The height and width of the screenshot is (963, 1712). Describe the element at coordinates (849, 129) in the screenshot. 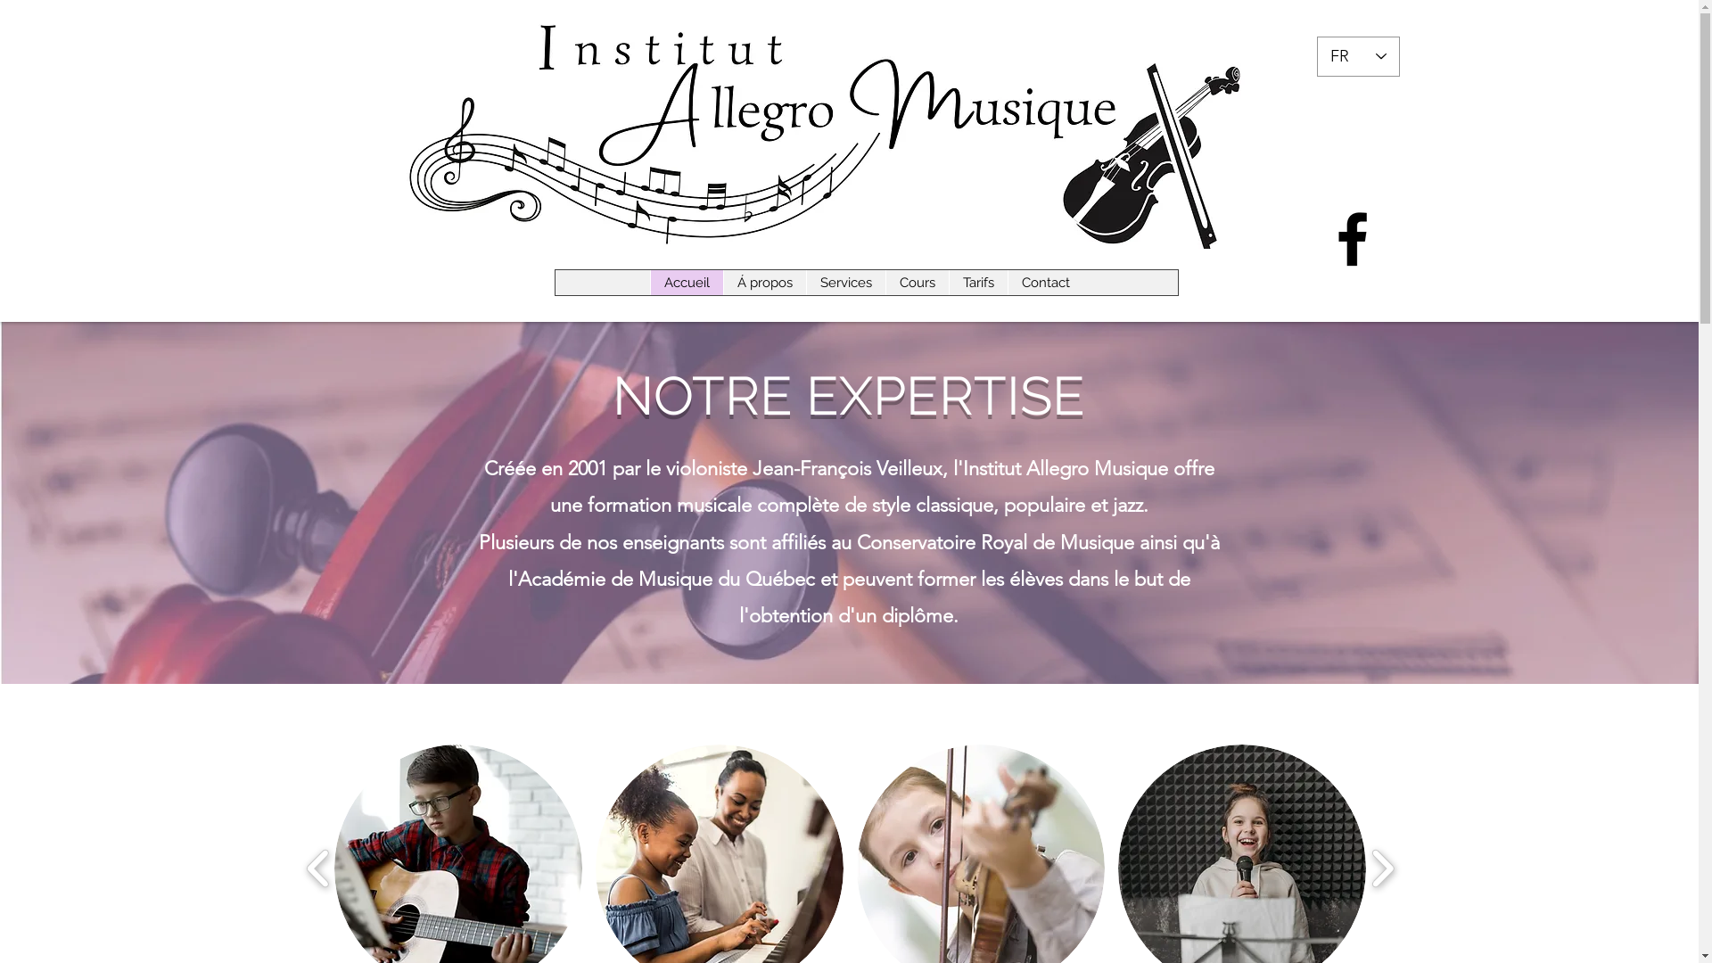

I see `'final 1.jpg'` at that location.